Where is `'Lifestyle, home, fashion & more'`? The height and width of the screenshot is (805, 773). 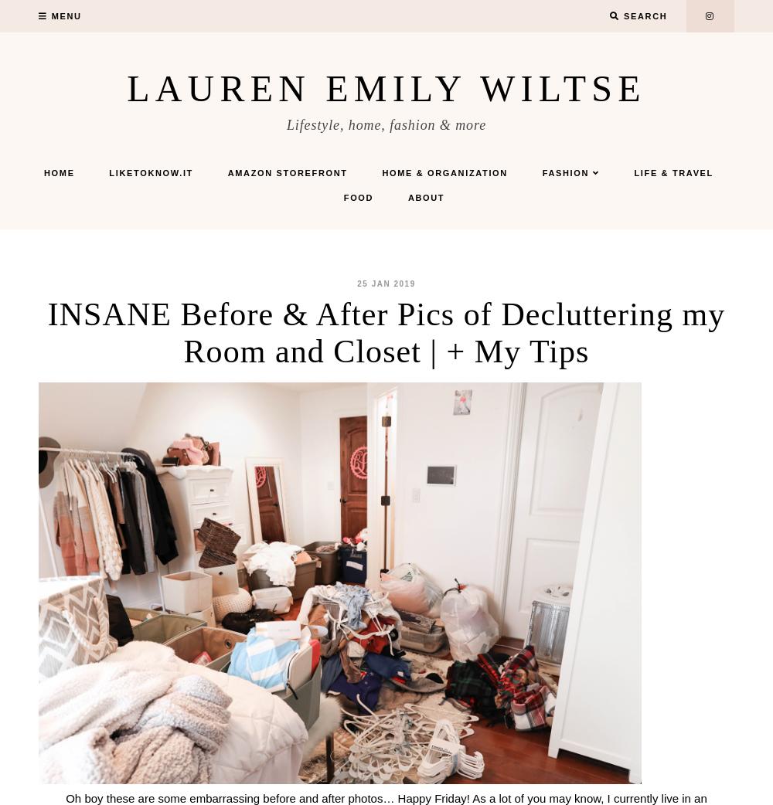
'Lifestyle, home, fashion & more' is located at coordinates (285, 125).